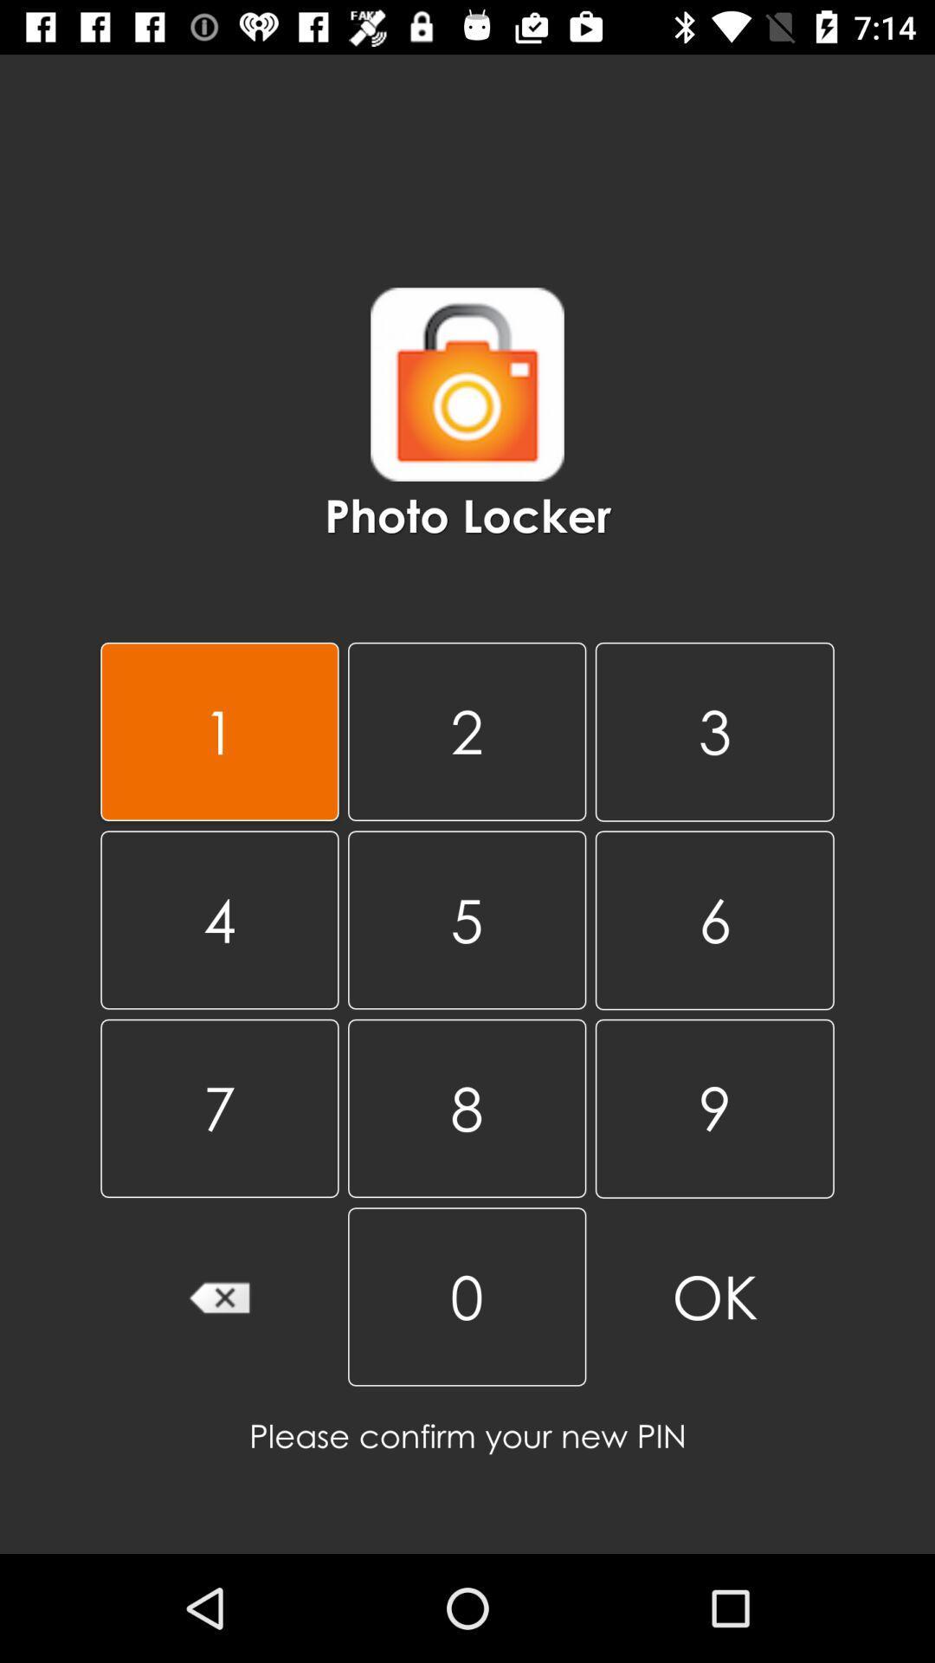  I want to click on the 2, so click(466, 731).